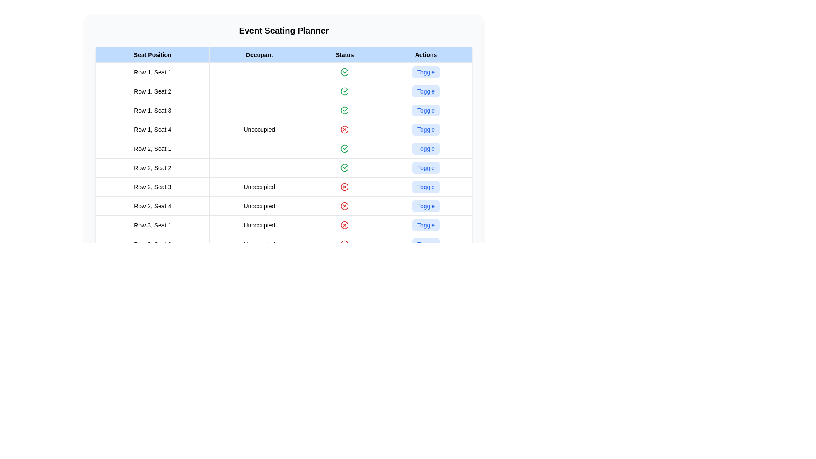  Describe the element at coordinates (259, 206) in the screenshot. I see `the text label displaying the status 'Unoccupied' in the second column of Row 2, Seat 4 under the 'Occupant' header` at that location.